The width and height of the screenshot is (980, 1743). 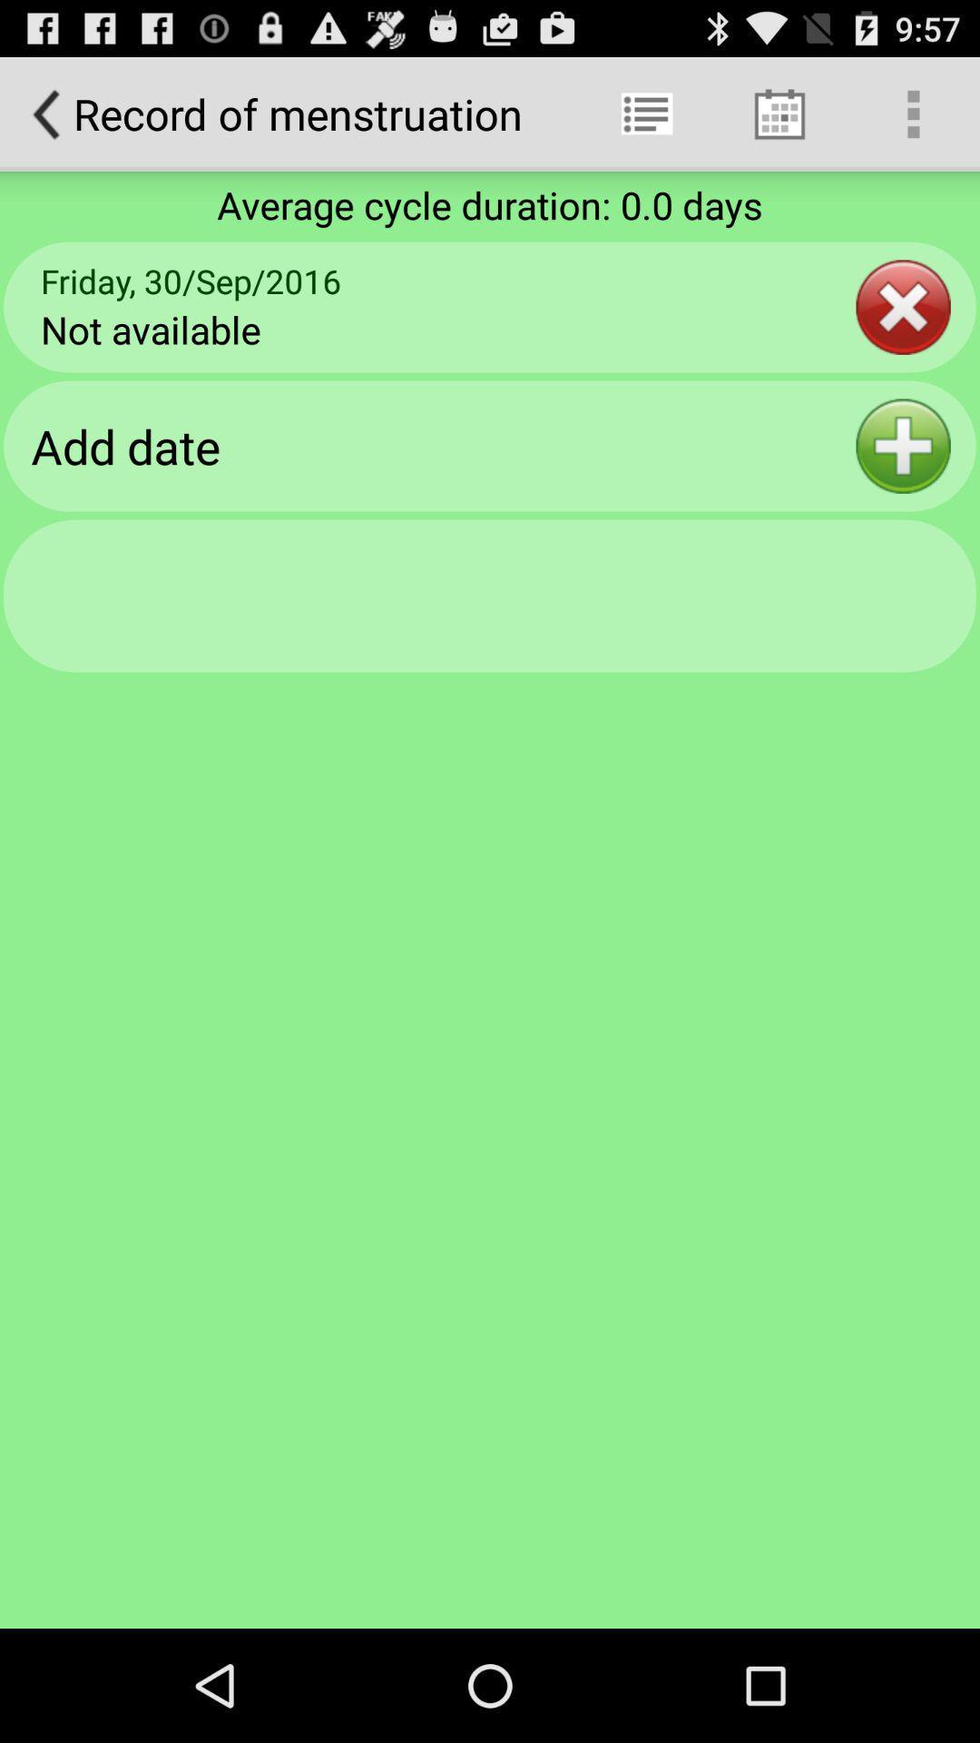 I want to click on the app above the average cycle duration, so click(x=645, y=113).